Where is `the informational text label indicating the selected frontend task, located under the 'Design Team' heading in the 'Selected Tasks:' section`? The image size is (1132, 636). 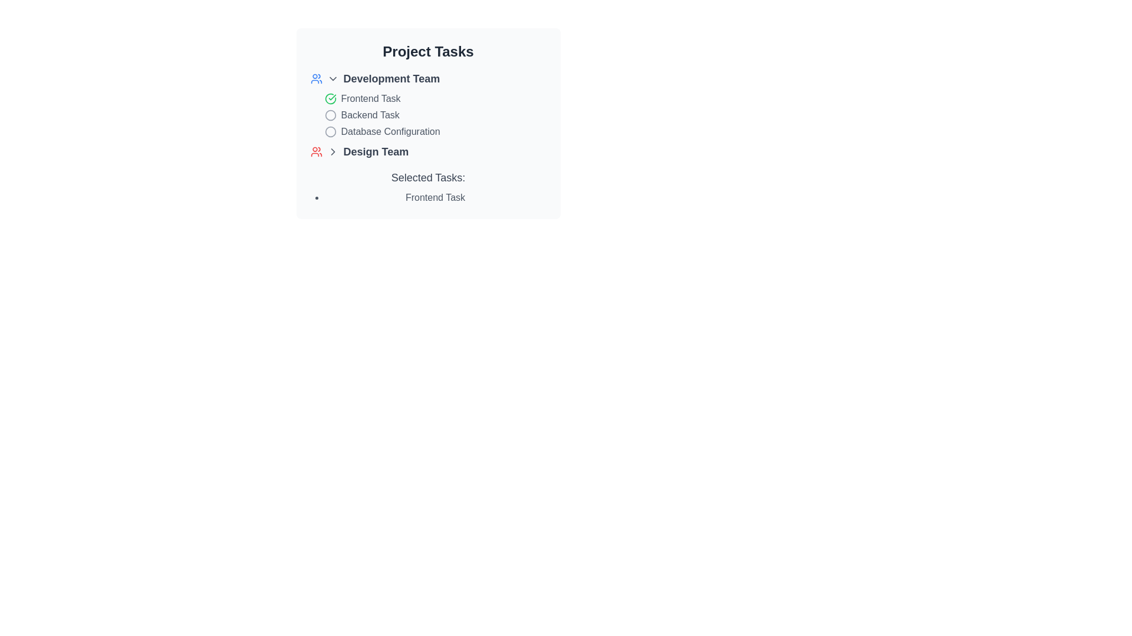
the informational text label indicating the selected frontend task, located under the 'Design Team' heading in the 'Selected Tasks:' section is located at coordinates (435, 197).